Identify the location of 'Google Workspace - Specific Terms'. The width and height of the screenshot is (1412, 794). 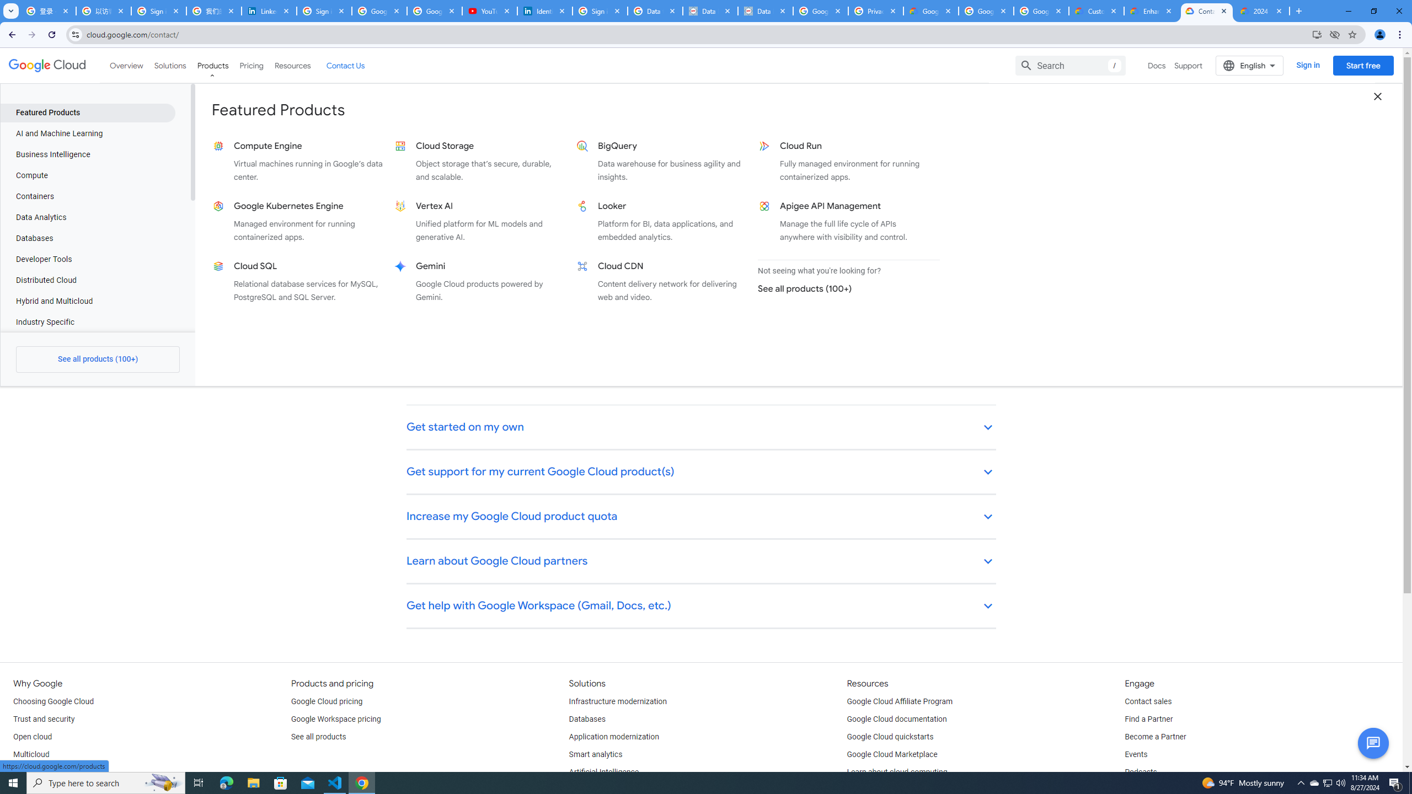
(985, 10).